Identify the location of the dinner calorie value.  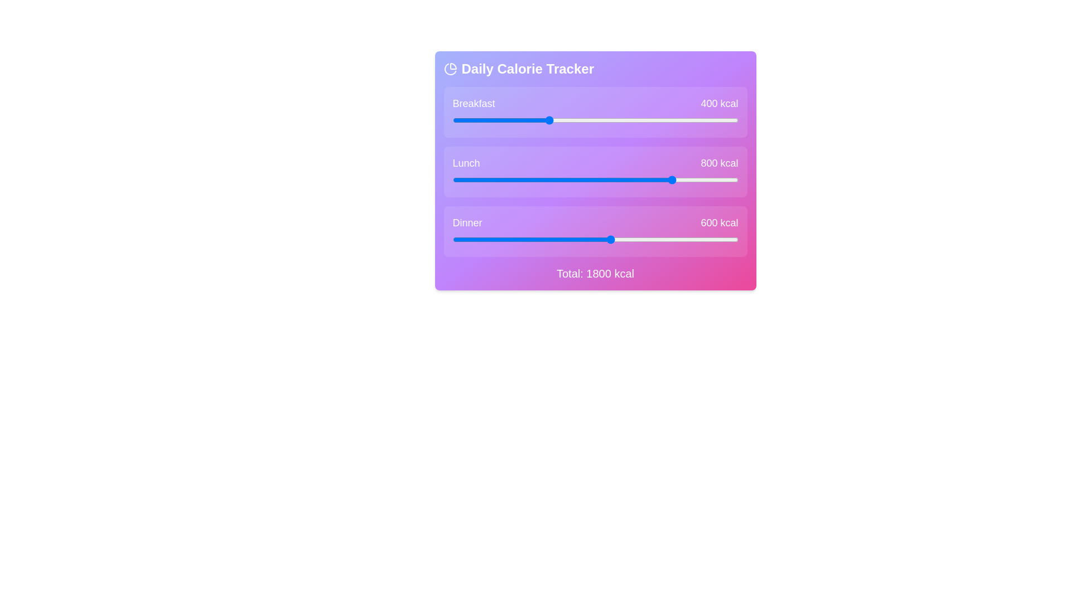
(732, 239).